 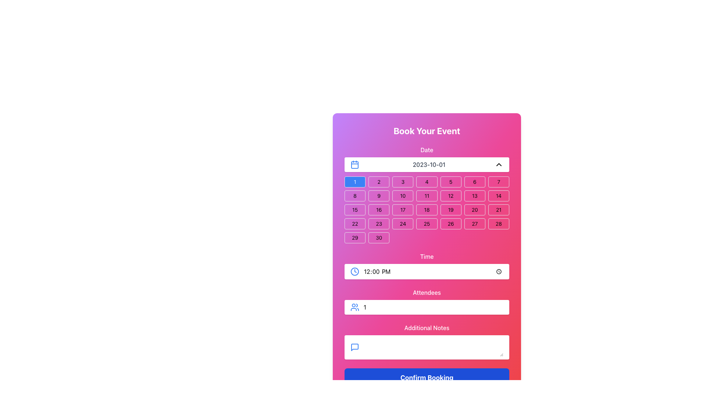 What do you see at coordinates (402, 195) in the screenshot?
I see `the light pink button labeled '10'` at bounding box center [402, 195].